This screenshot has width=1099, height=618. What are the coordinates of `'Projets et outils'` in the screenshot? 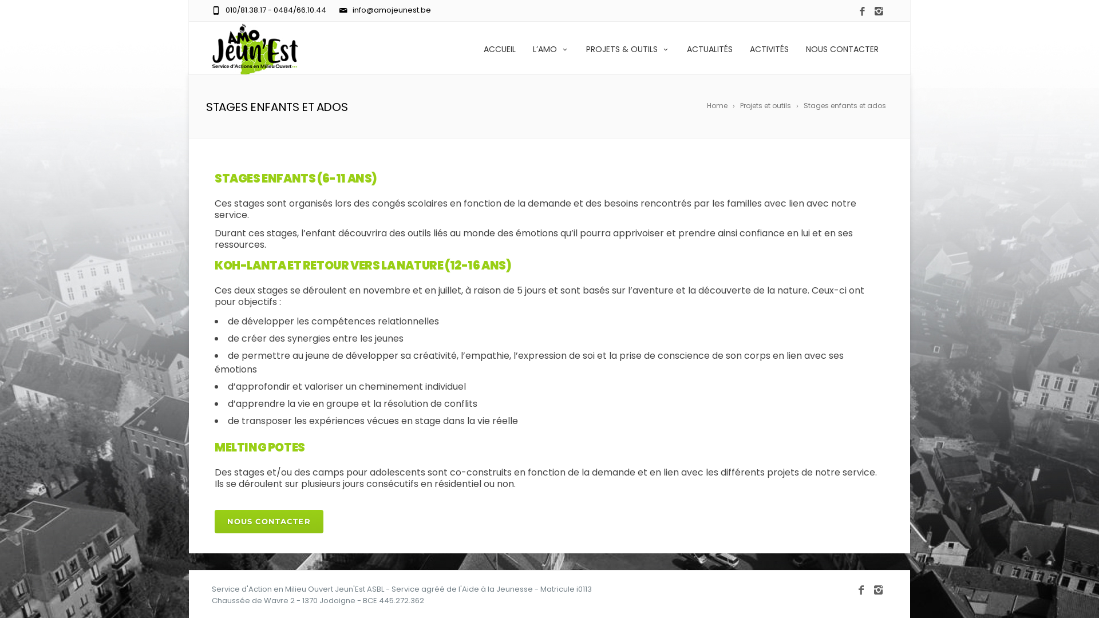 It's located at (770, 106).